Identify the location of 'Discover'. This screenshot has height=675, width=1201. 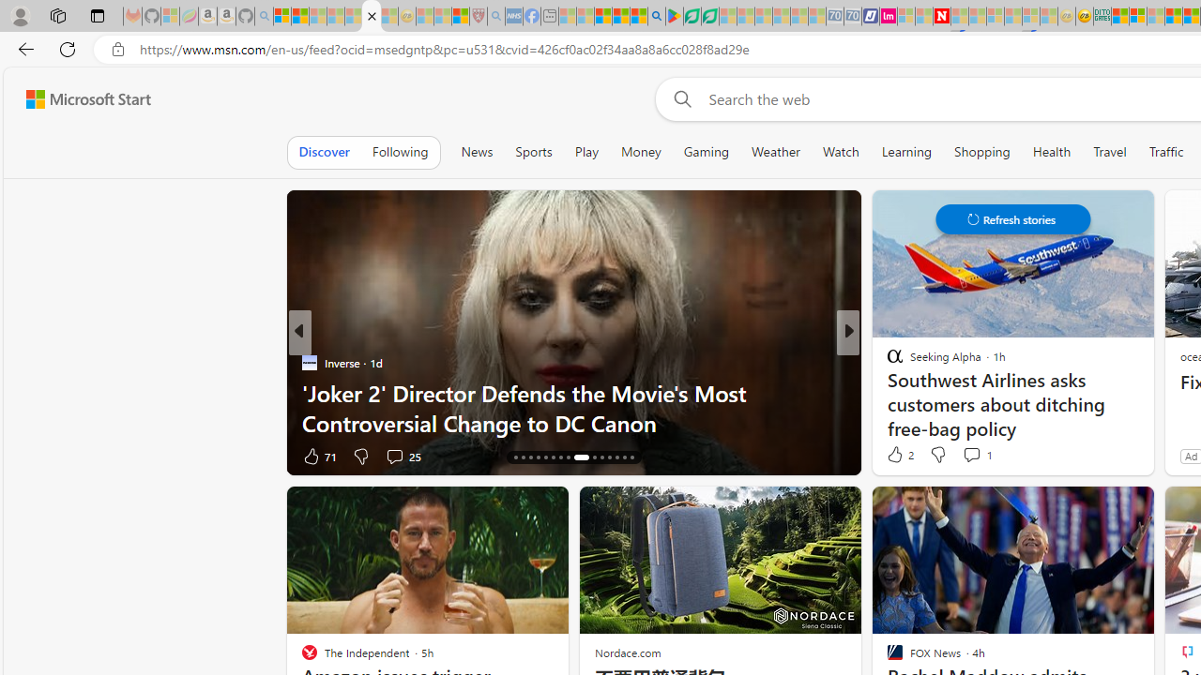
(324, 151).